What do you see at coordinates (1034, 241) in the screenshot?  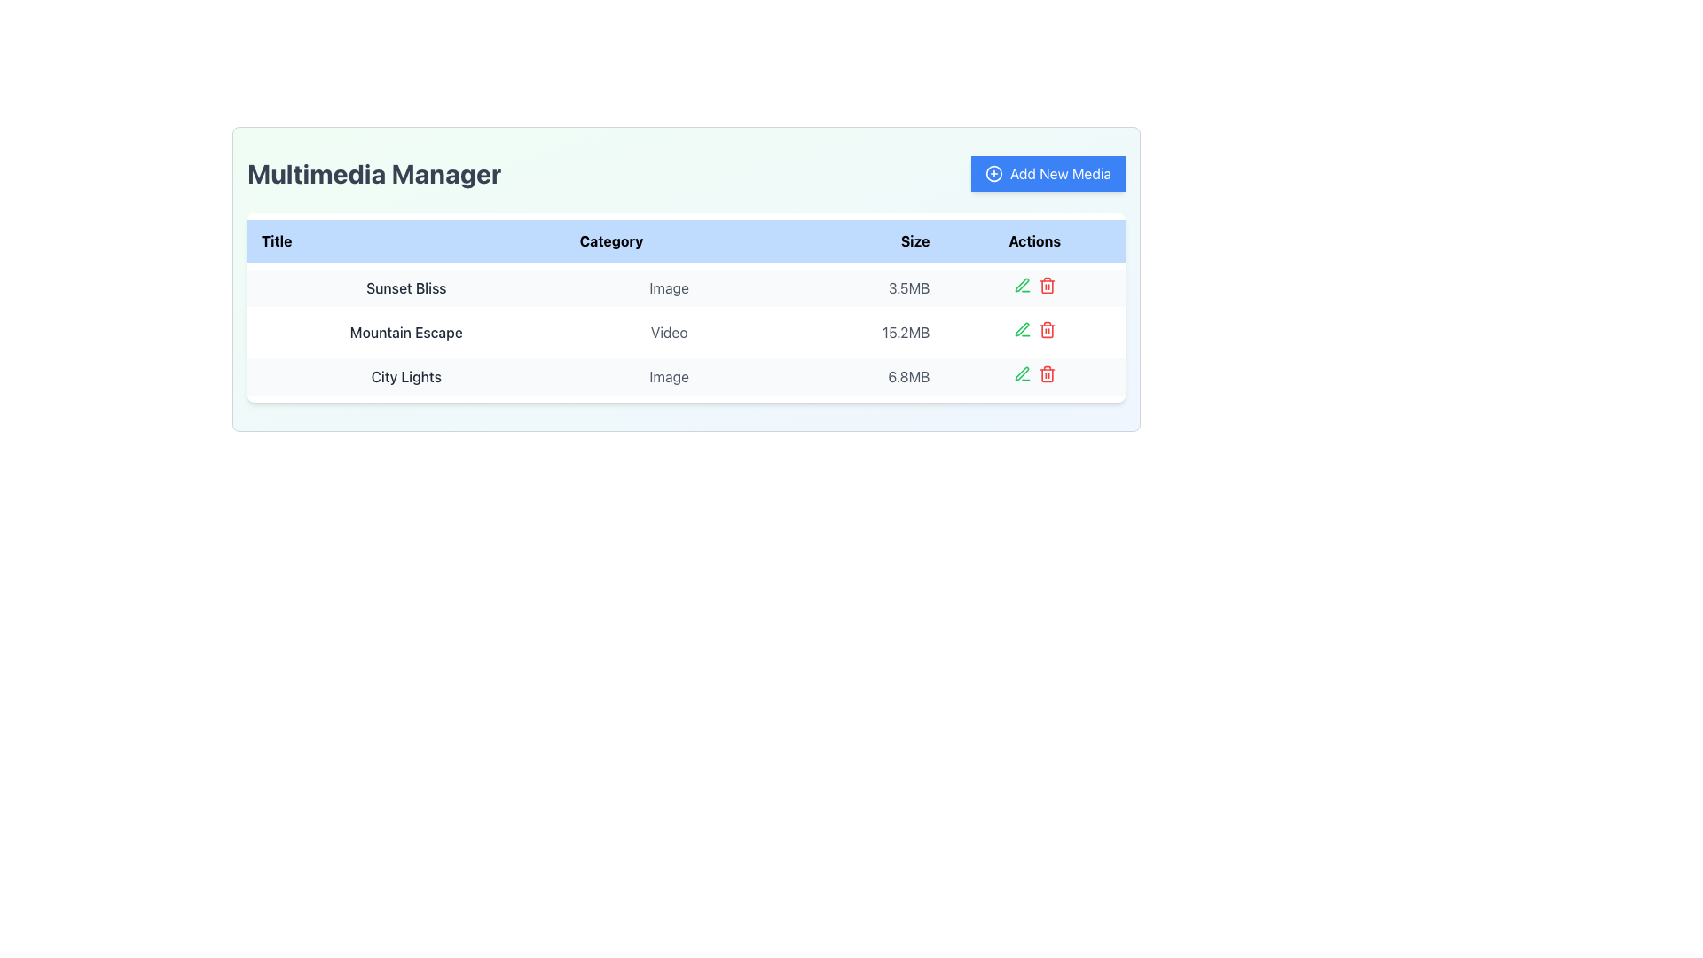 I see `the 'Actions' text label, which is the fourth column header in a table with a light blue background and bold black text` at bounding box center [1034, 241].